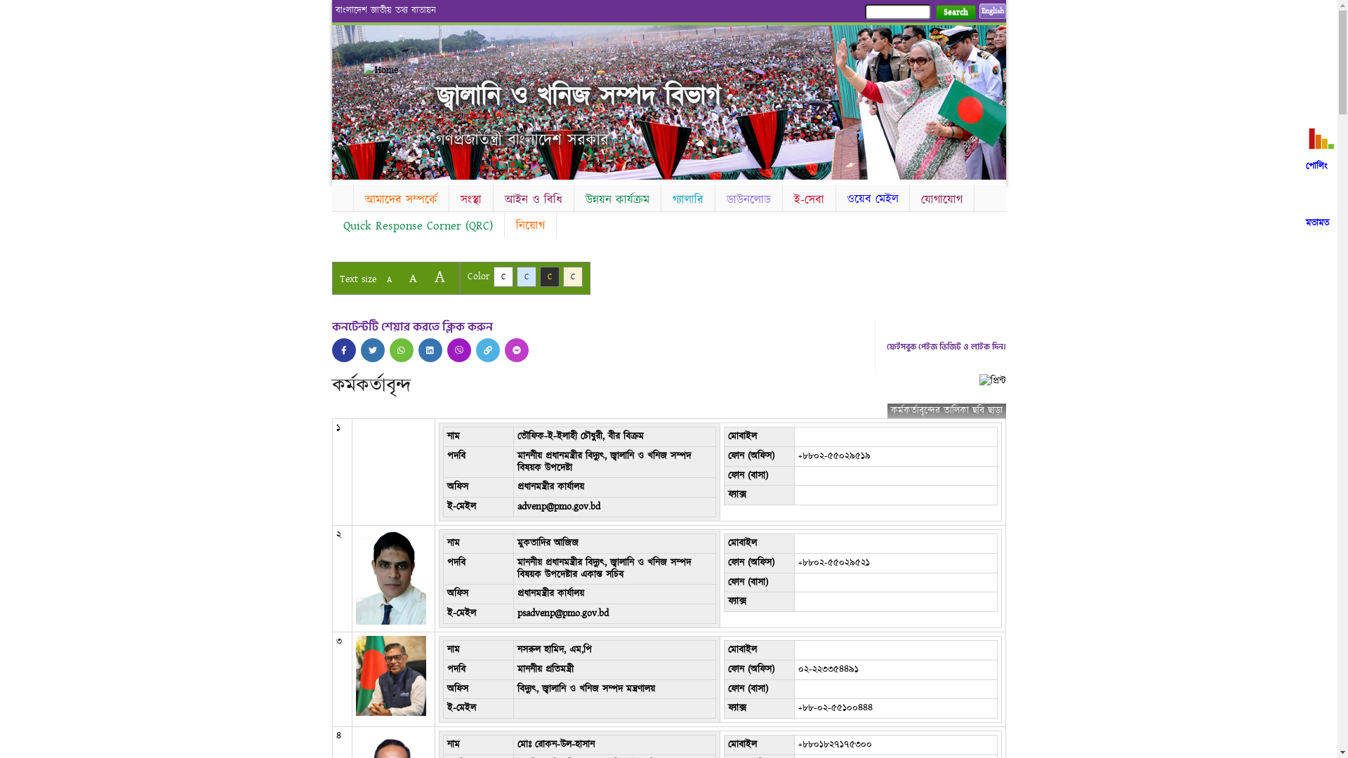 This screenshot has height=758, width=1348. Describe the element at coordinates (573, 277) in the screenshot. I see `'C'` at that location.